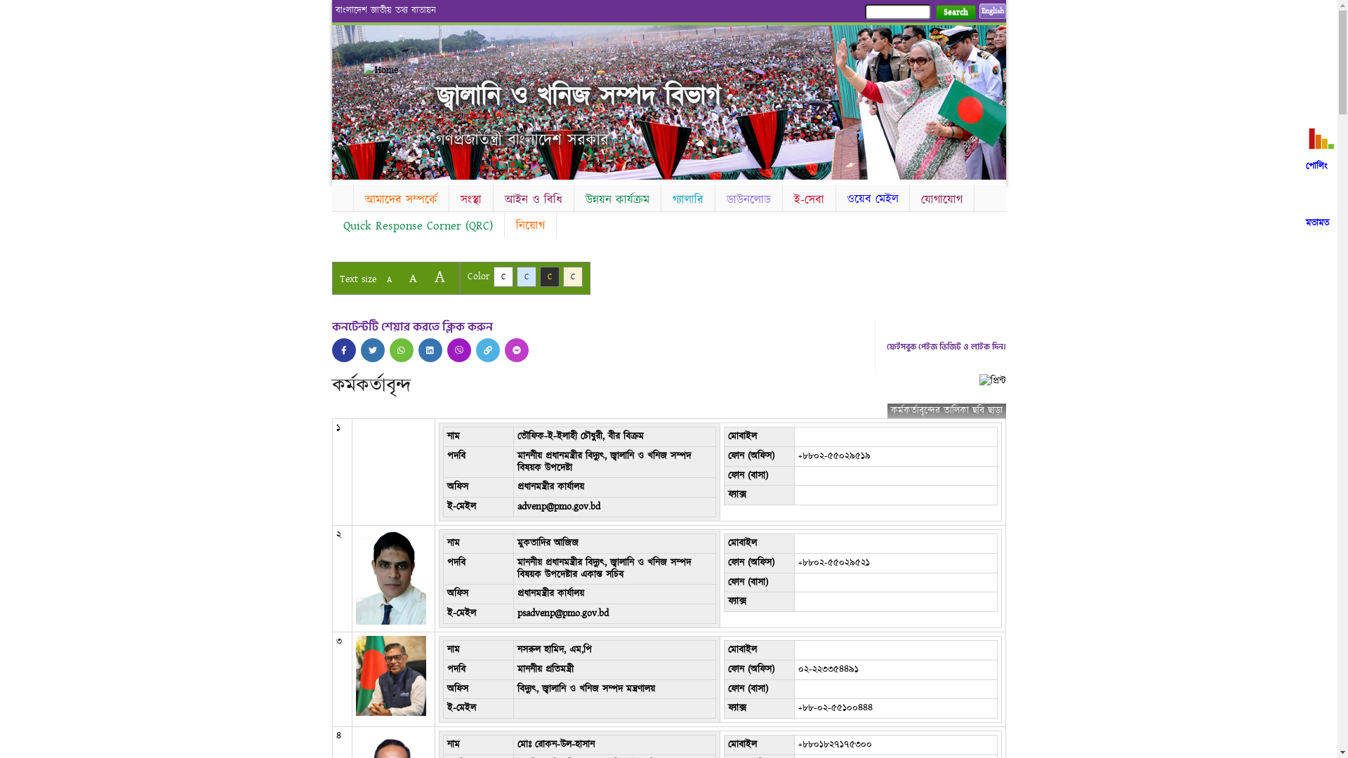 This screenshot has height=758, width=1348. Describe the element at coordinates (573, 277) in the screenshot. I see `'C'` at that location.